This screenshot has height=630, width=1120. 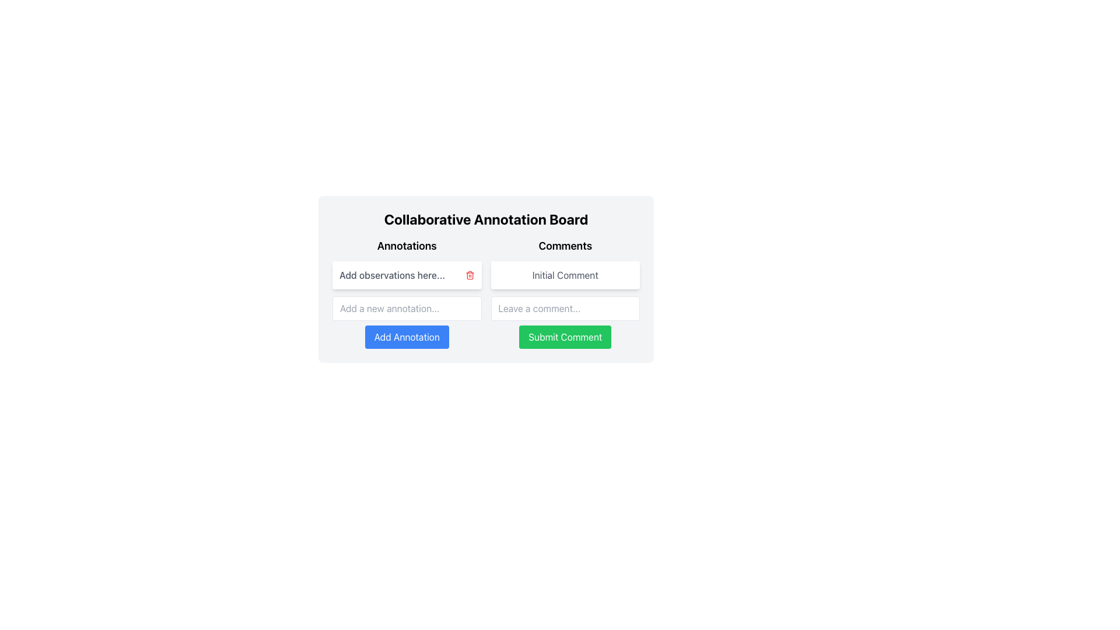 What do you see at coordinates (565, 337) in the screenshot?
I see `the submit button located in the 'Comments' section, which is aligned below the text input field with the placeholder 'Leave a comment...'` at bounding box center [565, 337].